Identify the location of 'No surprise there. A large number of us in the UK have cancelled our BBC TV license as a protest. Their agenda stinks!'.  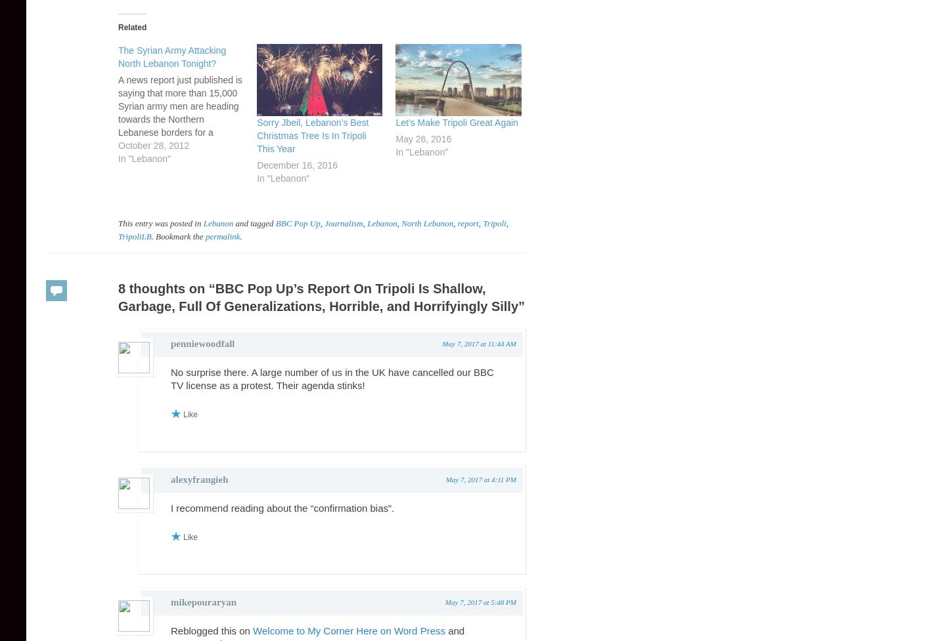
(170, 378).